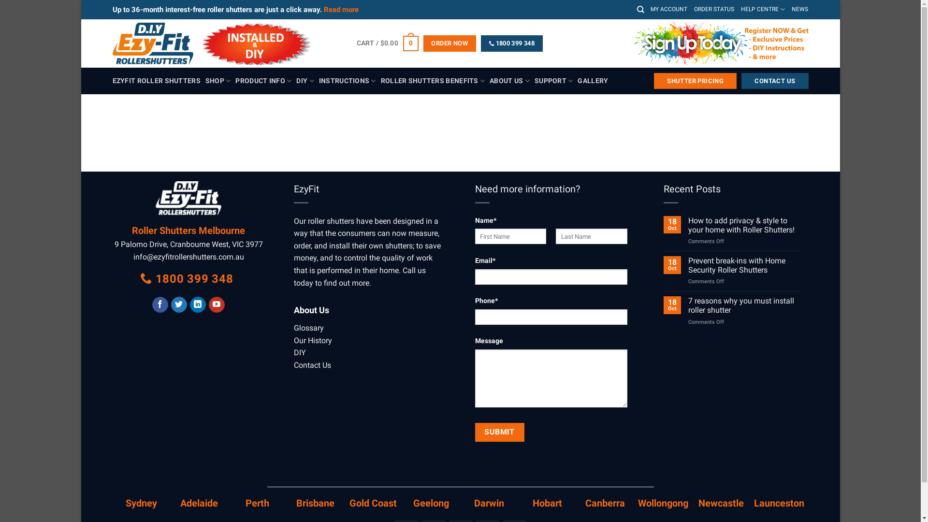  What do you see at coordinates (638, 503) in the screenshot?
I see `'Wollongong'` at bounding box center [638, 503].